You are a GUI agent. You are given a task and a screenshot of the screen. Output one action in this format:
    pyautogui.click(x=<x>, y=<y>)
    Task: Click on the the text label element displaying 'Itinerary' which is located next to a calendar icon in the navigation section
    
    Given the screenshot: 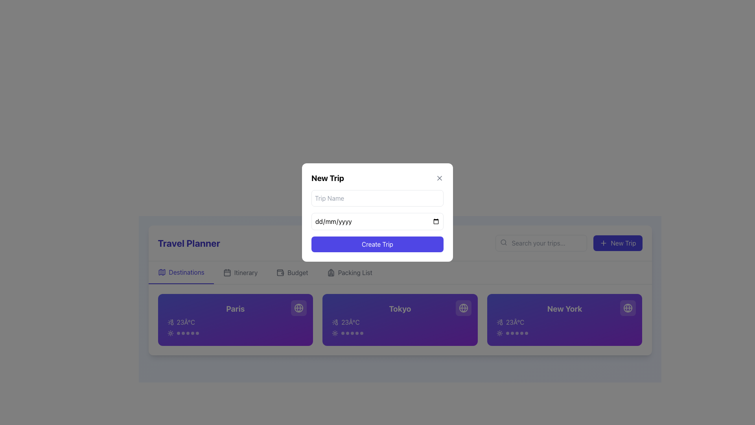 What is the action you would take?
    pyautogui.click(x=245, y=272)
    